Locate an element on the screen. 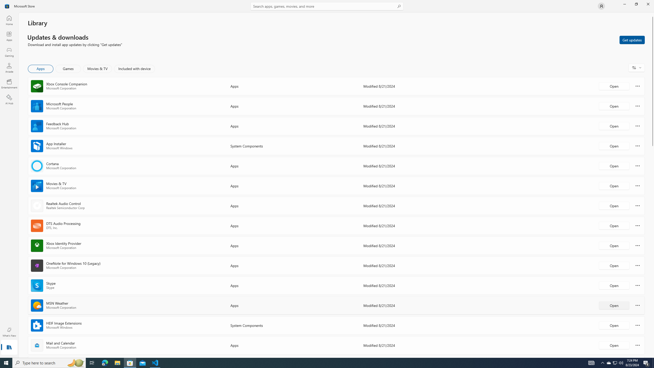 Image resolution: width=654 pixels, height=368 pixels. 'Included with device' is located at coordinates (134, 68).